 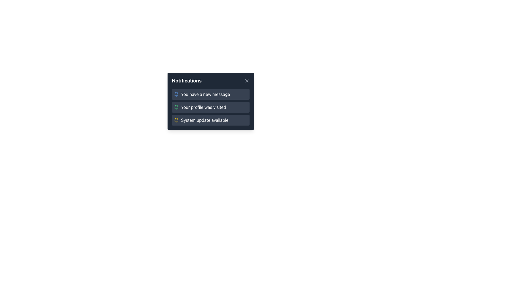 I want to click on the close button represented by an 'X' icon in the upper-right corner of the 'Notifications' modal, so click(x=247, y=81).